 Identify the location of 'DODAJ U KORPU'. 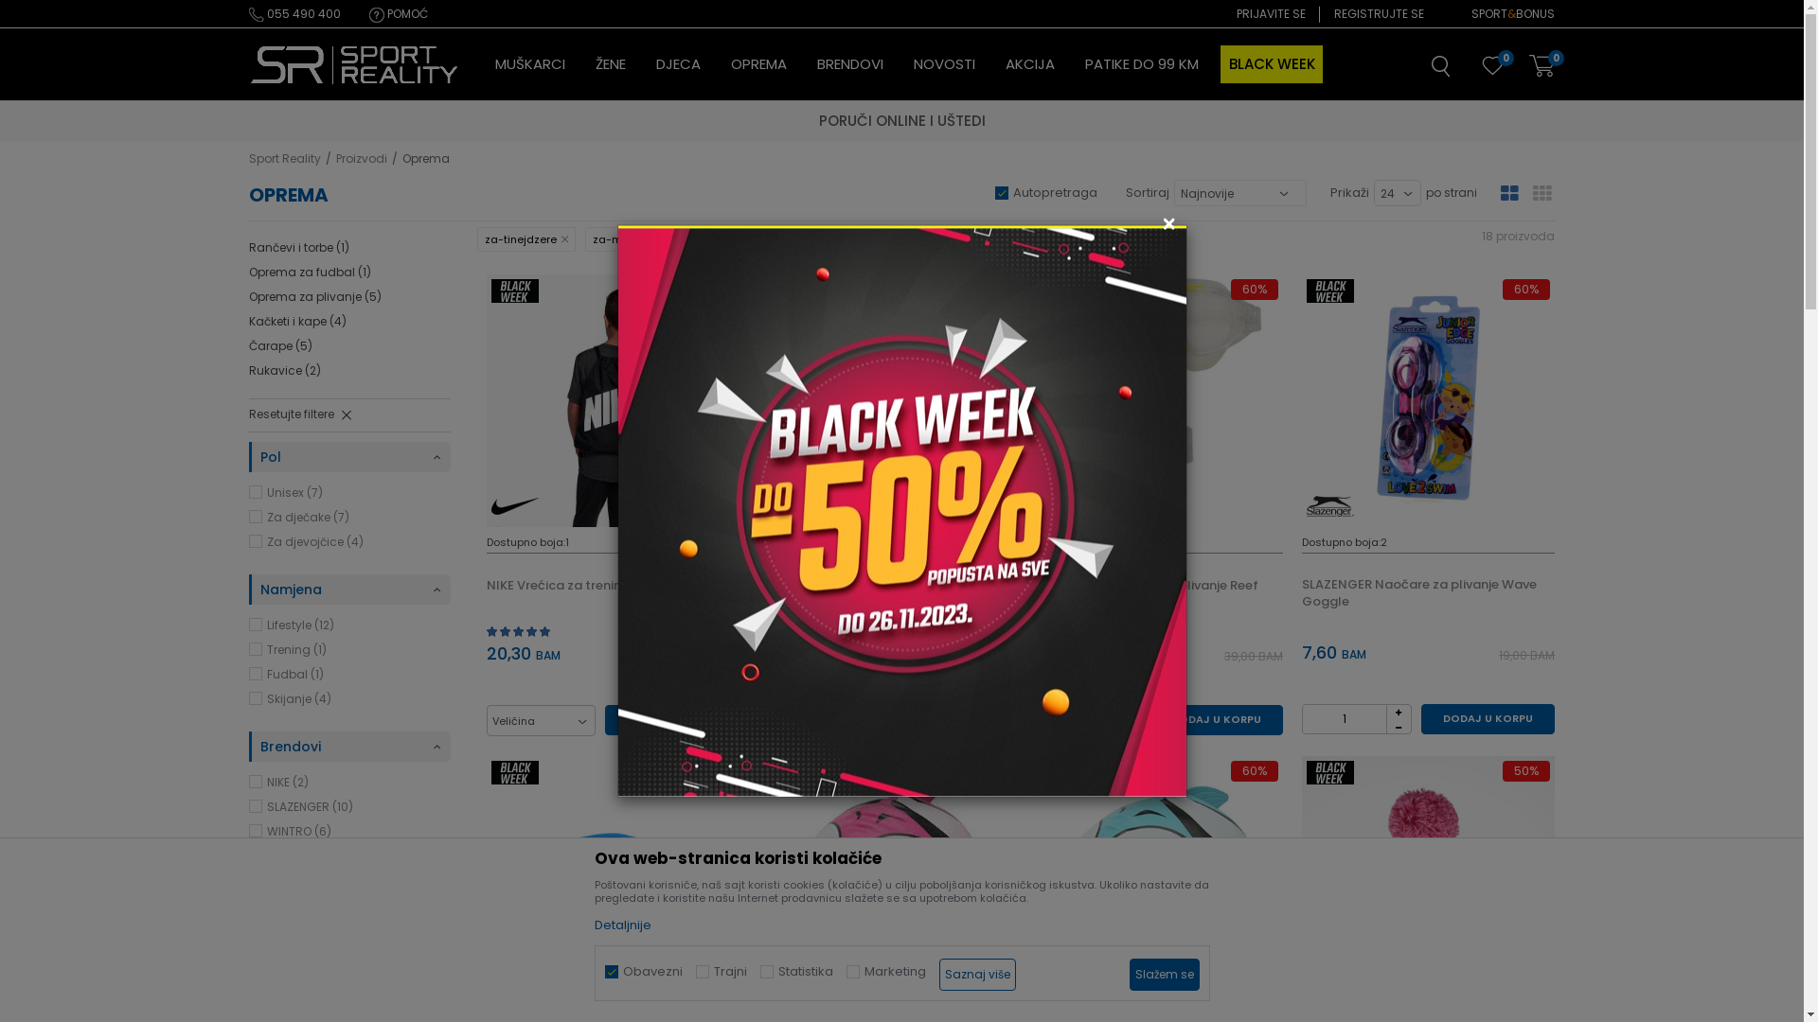
(1487, 718).